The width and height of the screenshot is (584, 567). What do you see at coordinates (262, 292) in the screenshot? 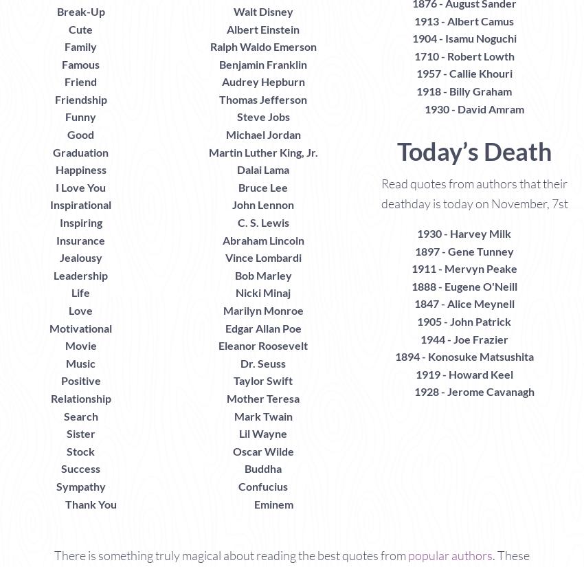
I see `'Nicki Minaj'` at bounding box center [262, 292].